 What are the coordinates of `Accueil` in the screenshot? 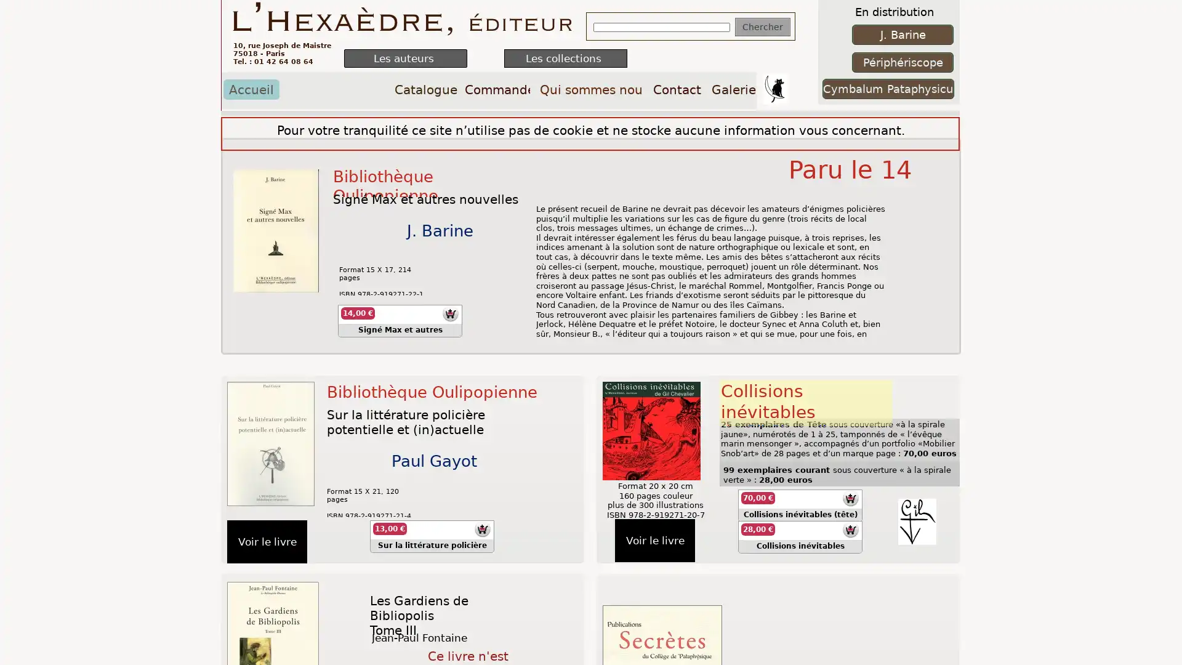 It's located at (251, 89).